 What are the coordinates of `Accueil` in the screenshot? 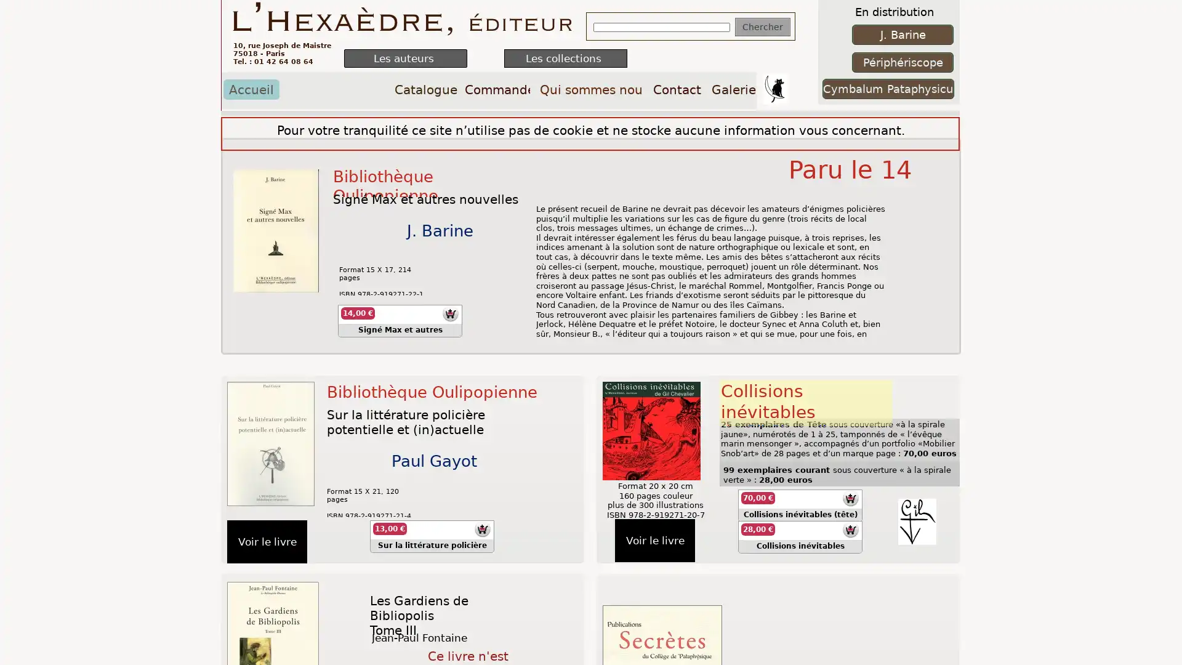 It's located at (251, 89).